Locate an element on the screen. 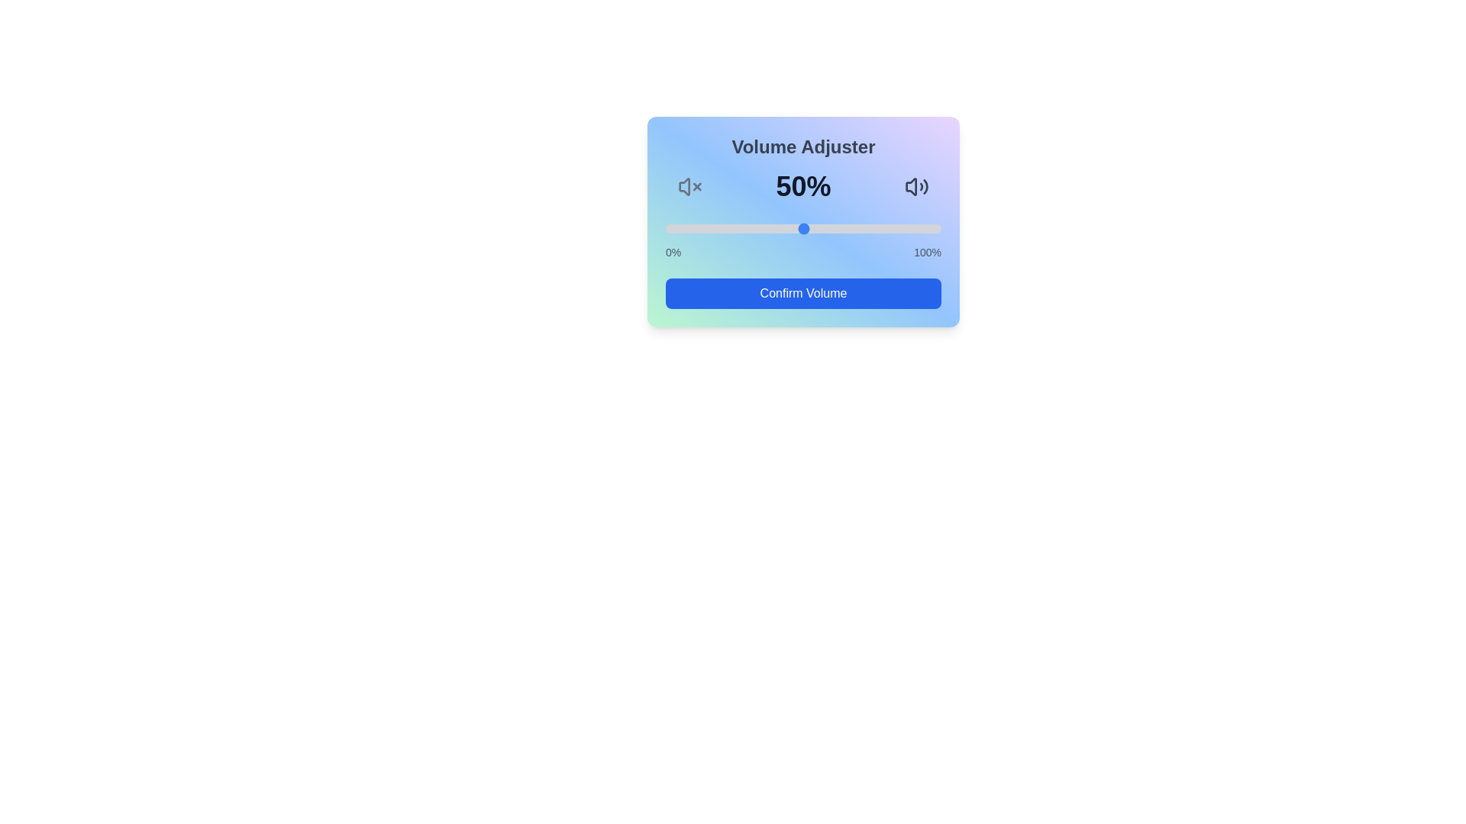 The height and width of the screenshot is (824, 1466). 'Confirm Volume' button is located at coordinates (802, 294).